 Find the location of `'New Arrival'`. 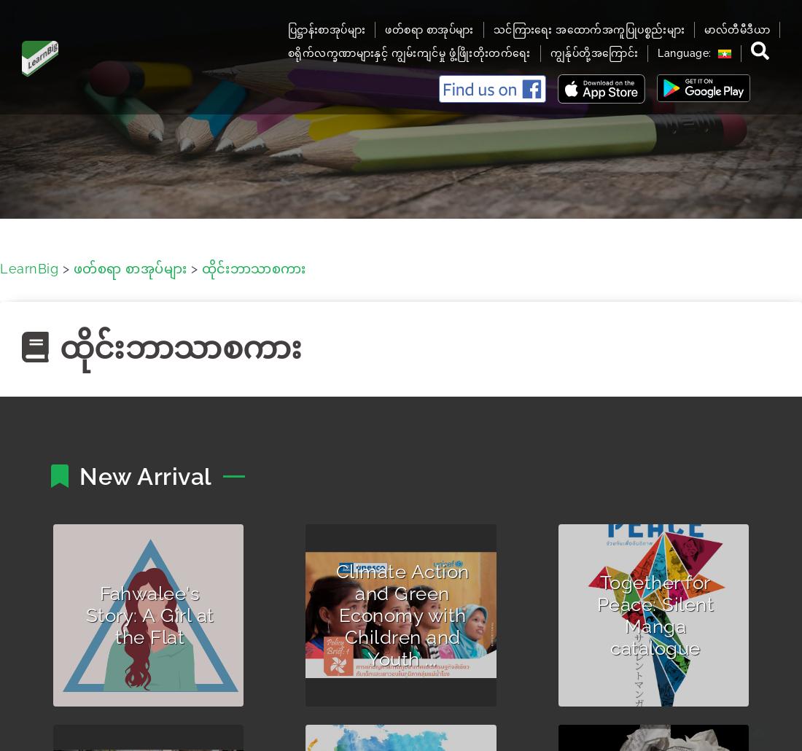

'New Arrival' is located at coordinates (144, 475).